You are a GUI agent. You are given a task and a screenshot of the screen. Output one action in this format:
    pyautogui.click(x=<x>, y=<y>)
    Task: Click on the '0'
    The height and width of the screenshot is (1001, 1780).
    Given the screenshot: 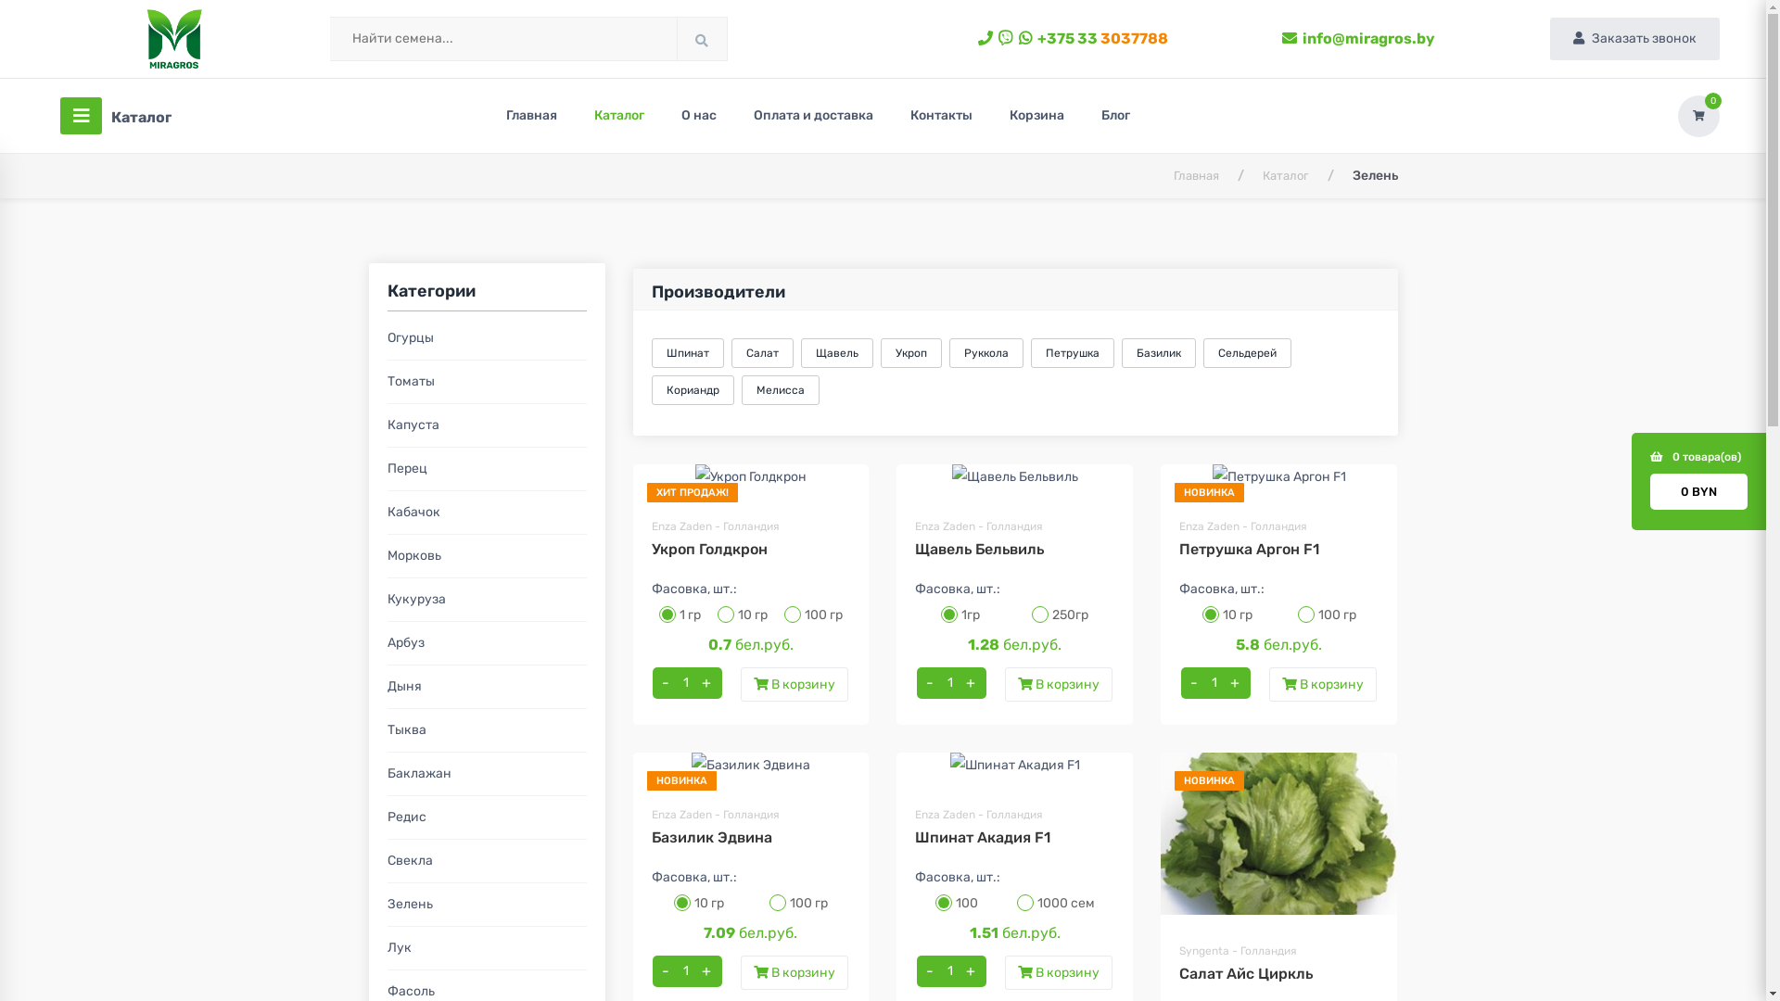 What is the action you would take?
    pyautogui.click(x=1698, y=116)
    